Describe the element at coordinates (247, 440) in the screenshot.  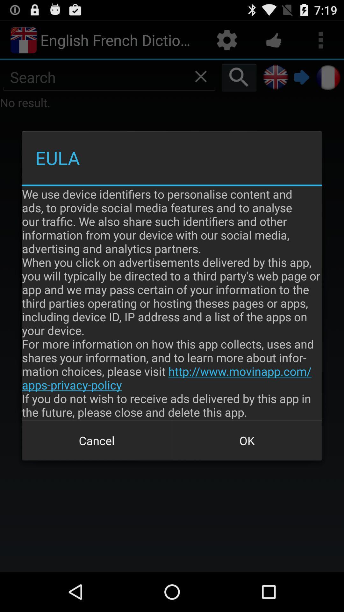
I see `icon next to cancel icon` at that location.